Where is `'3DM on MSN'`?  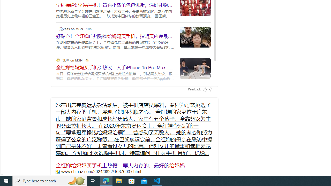 '3DM on MSN' is located at coordinates (58, 60).